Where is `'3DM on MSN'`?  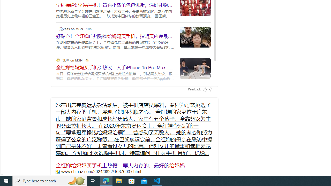 '3DM on MSN' is located at coordinates (58, 60).